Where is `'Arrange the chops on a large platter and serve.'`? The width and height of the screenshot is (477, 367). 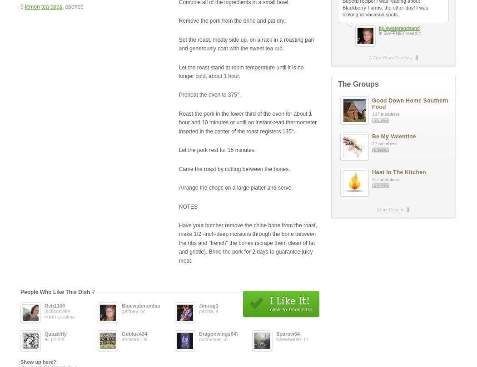
'Arrange the chops on a large platter and serve.' is located at coordinates (235, 187).